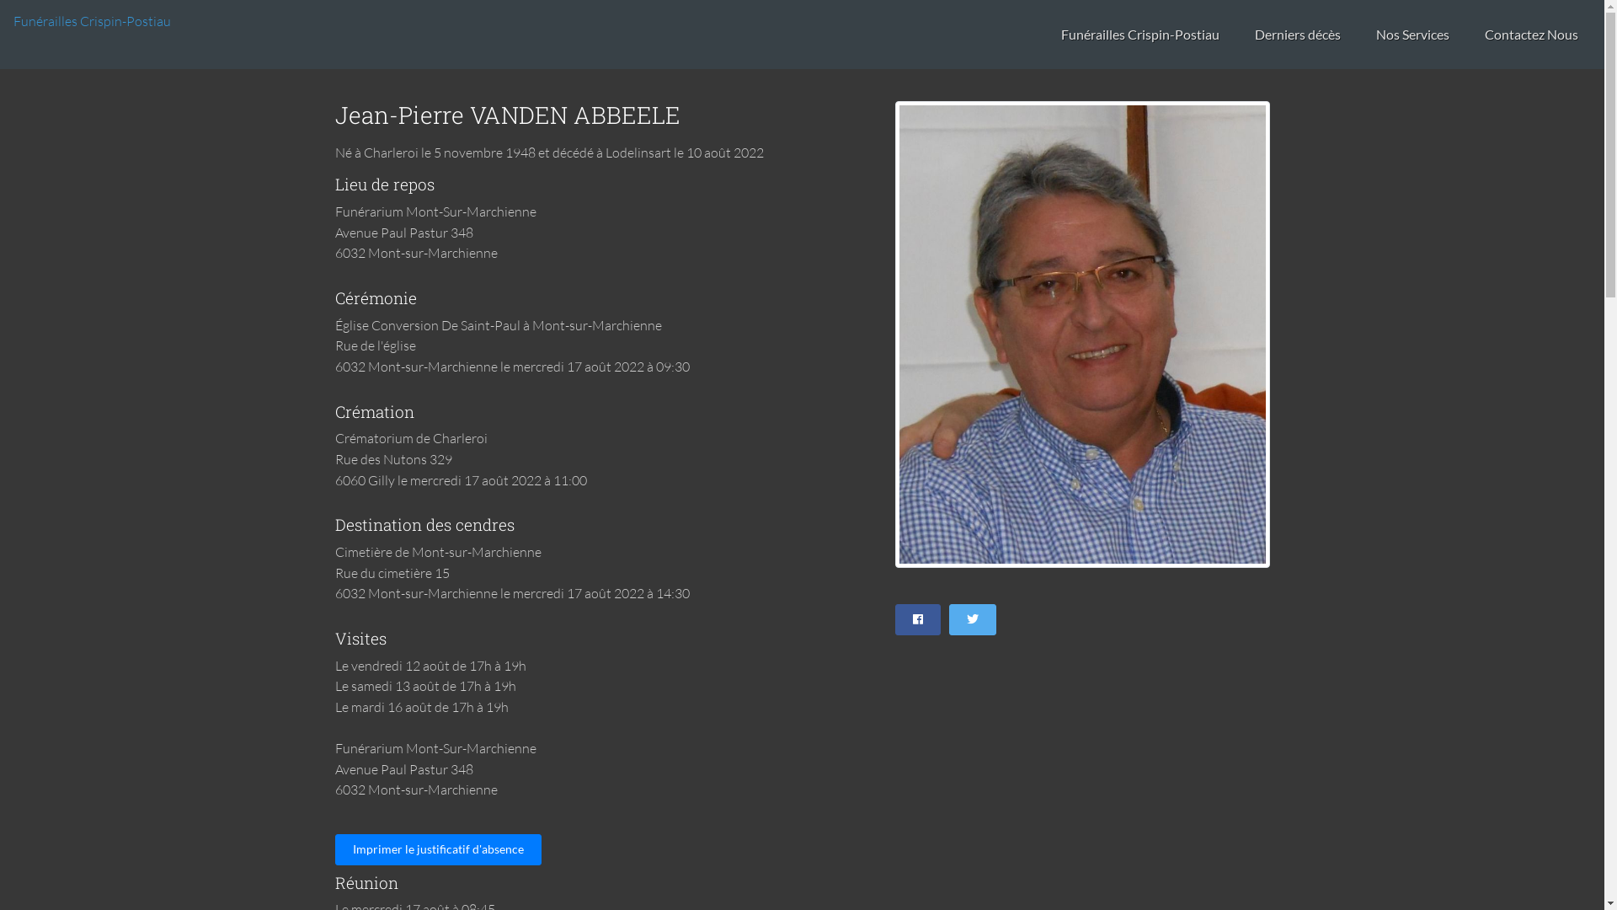  What do you see at coordinates (1362, 35) in the screenshot?
I see `'Nos Services'` at bounding box center [1362, 35].